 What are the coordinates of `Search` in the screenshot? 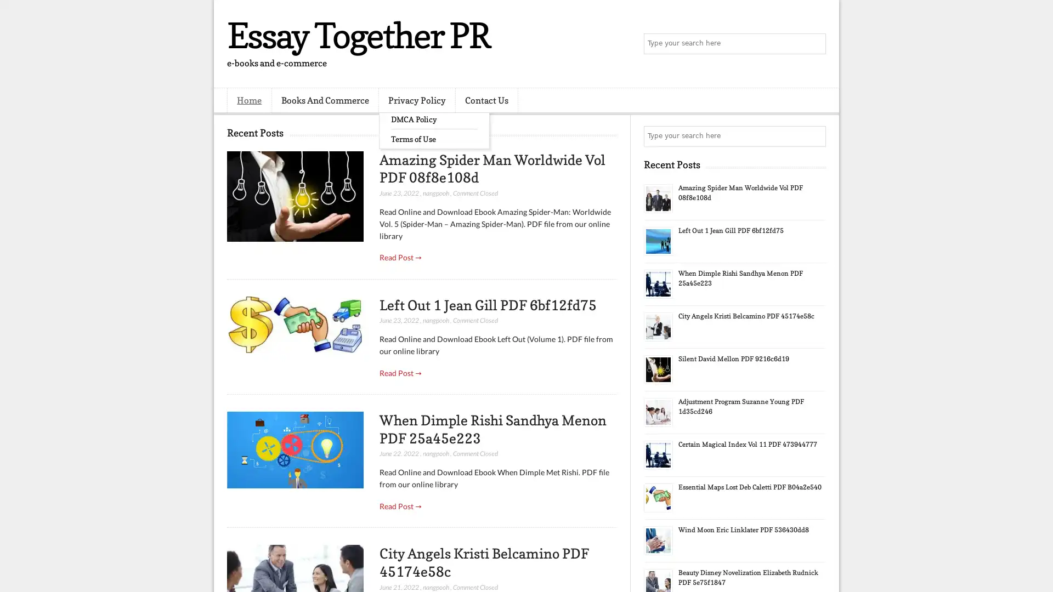 It's located at (814, 44).